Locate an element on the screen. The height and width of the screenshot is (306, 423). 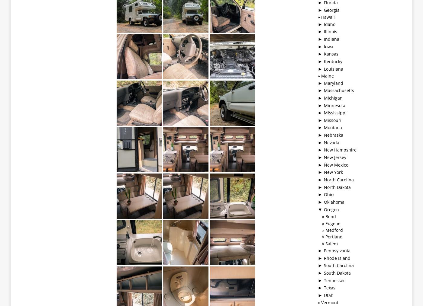
'Salem' is located at coordinates (331, 243).